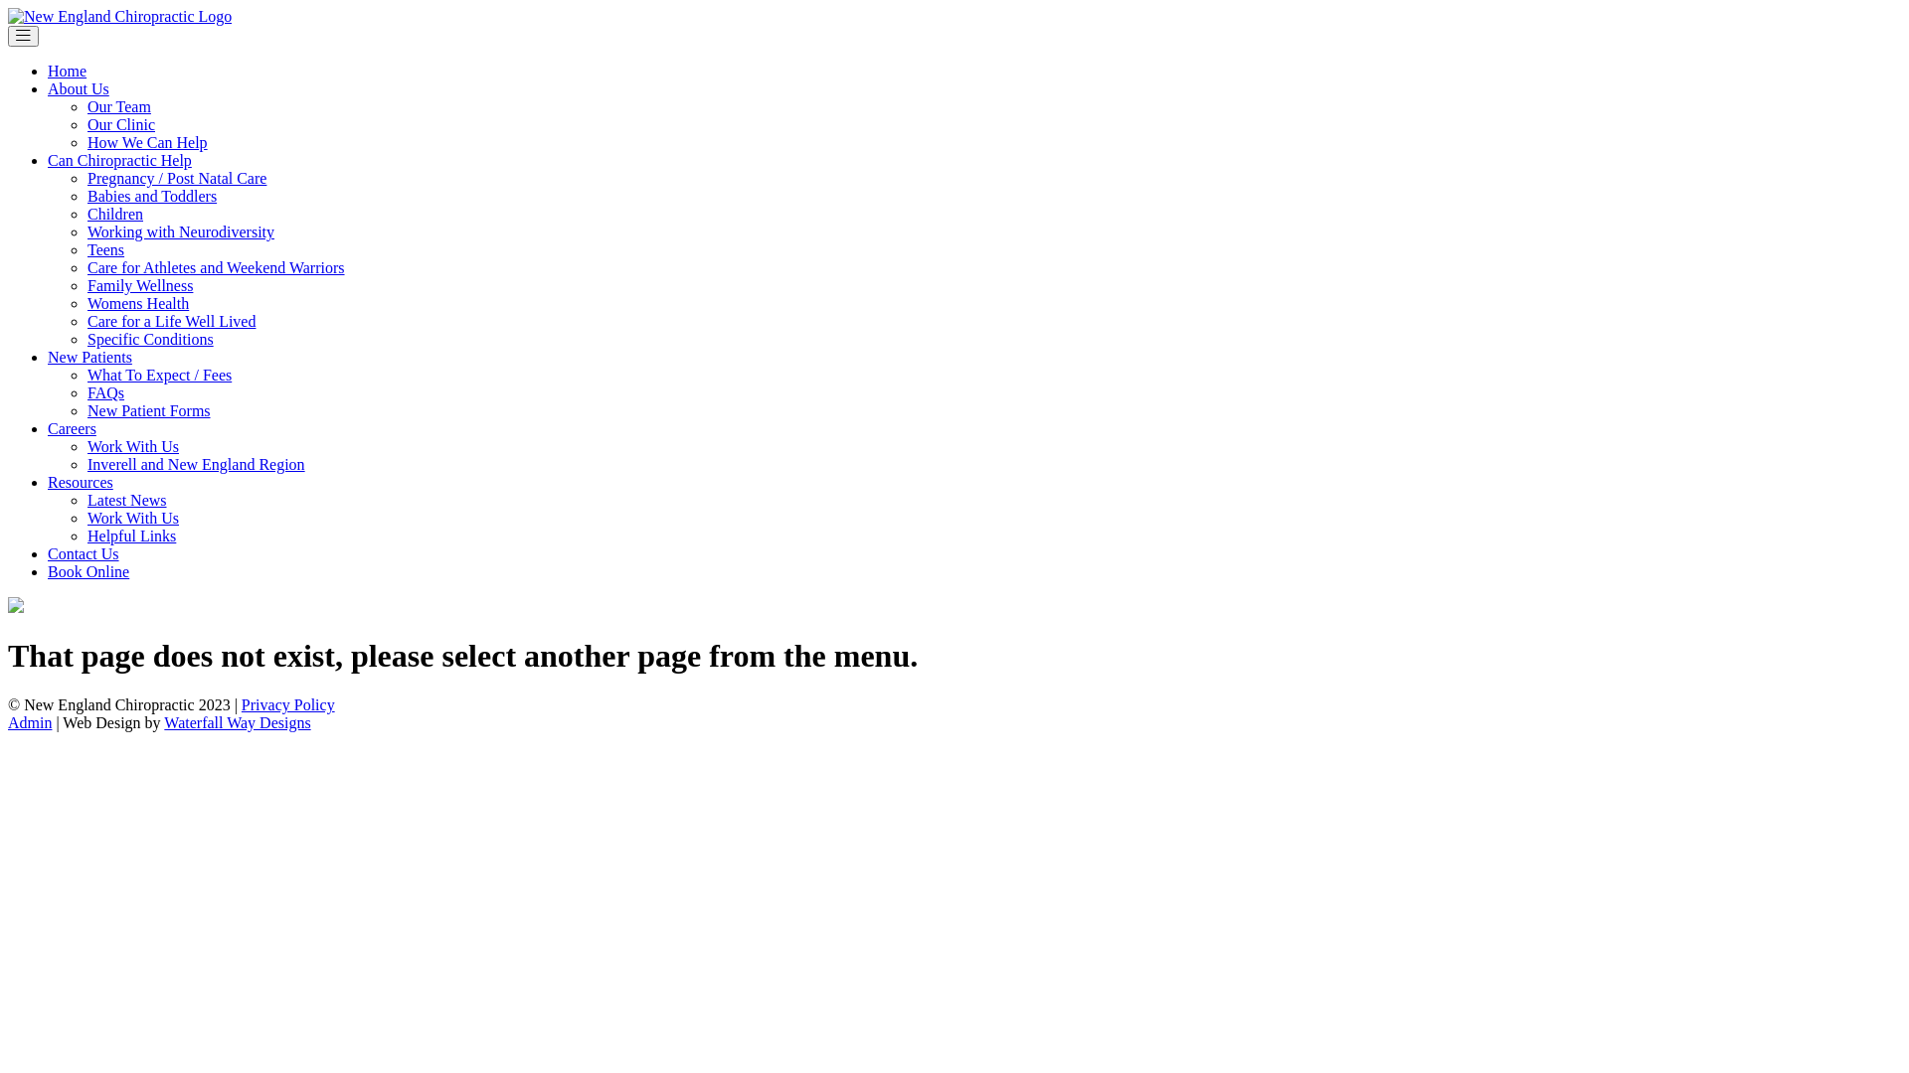 Image resolution: width=1909 pixels, height=1073 pixels. Describe the element at coordinates (159, 375) in the screenshot. I see `'What To Expect / Fees'` at that location.